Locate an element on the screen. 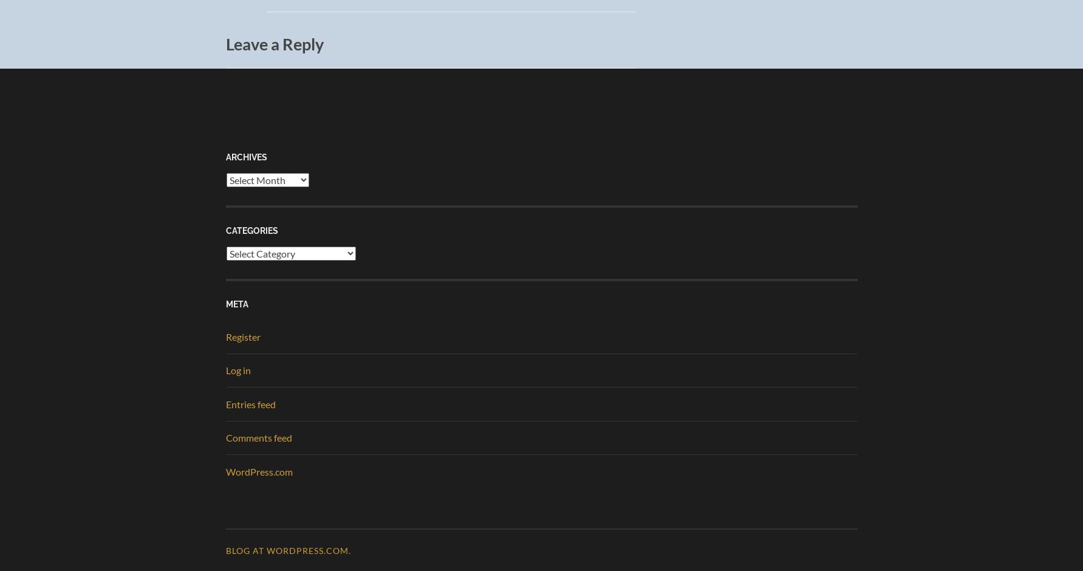 This screenshot has width=1083, height=571. 'Entries feed' is located at coordinates (250, 403).